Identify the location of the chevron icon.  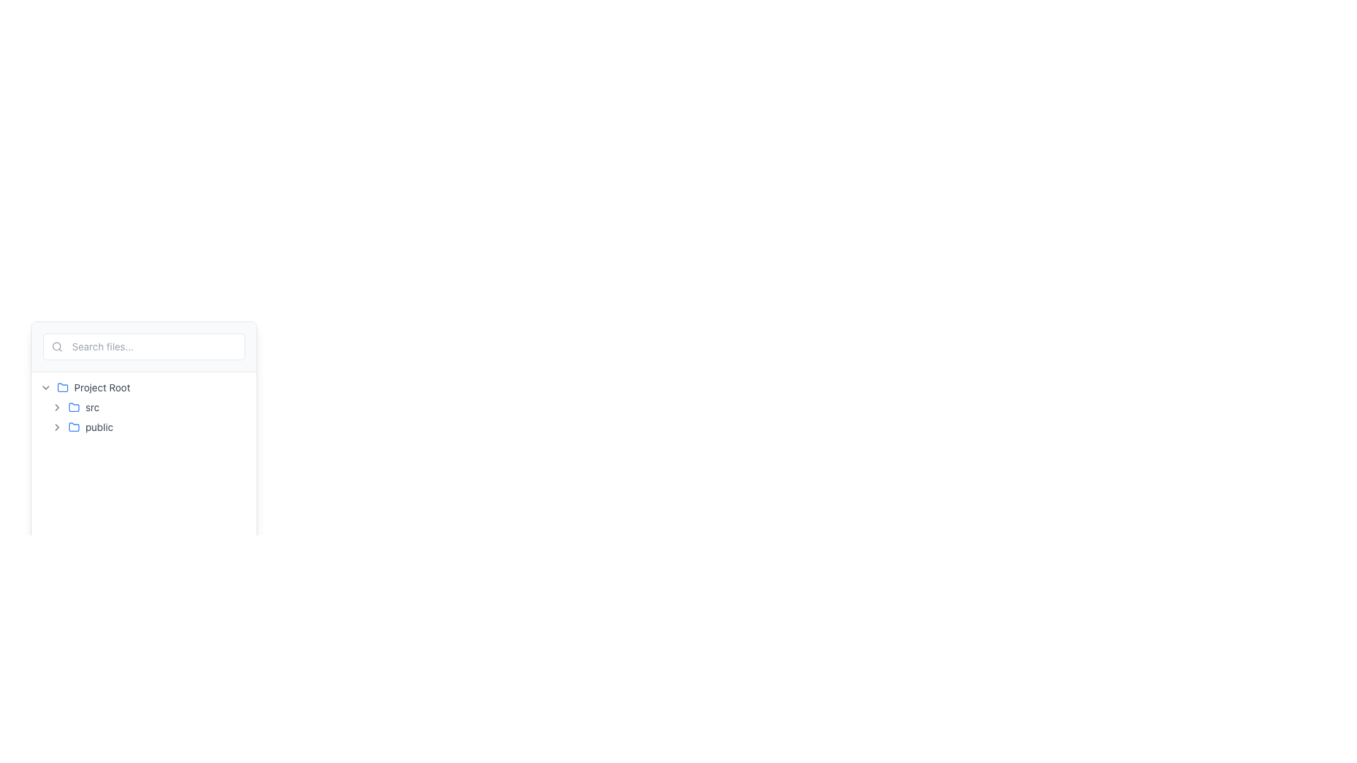
(57, 408).